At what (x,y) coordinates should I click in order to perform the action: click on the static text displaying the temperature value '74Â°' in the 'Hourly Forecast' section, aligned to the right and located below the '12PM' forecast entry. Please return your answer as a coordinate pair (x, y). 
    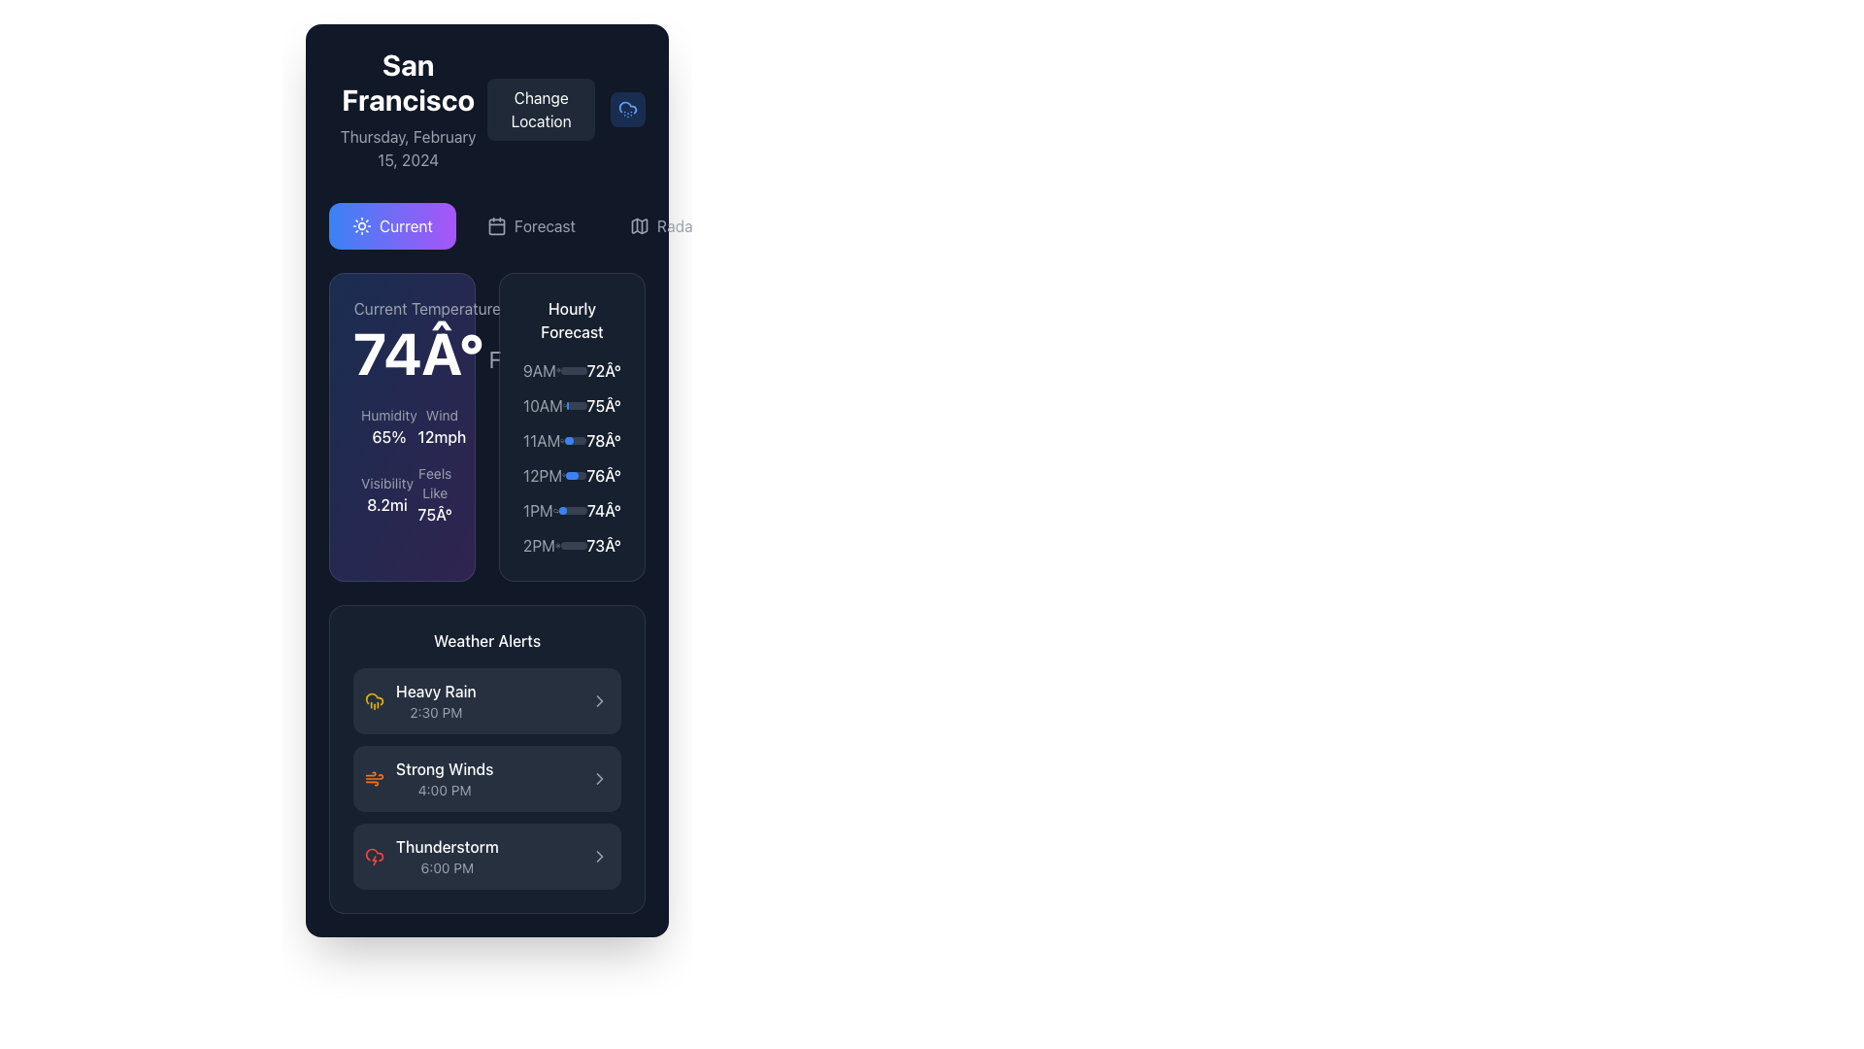
    Looking at the image, I should click on (603, 509).